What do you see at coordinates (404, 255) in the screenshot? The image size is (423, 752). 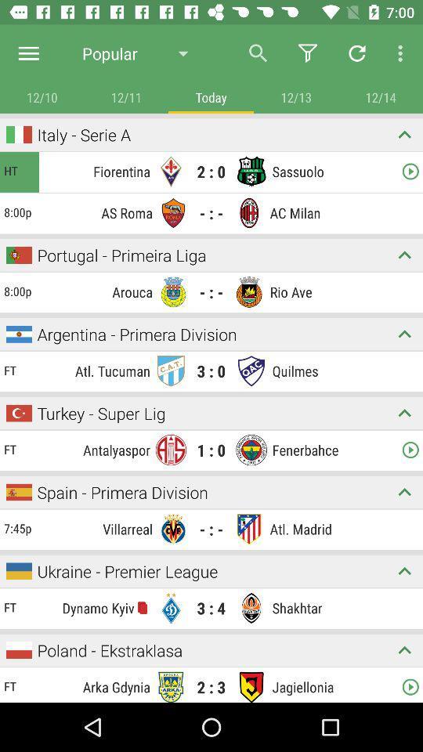 I see `hide team` at bounding box center [404, 255].